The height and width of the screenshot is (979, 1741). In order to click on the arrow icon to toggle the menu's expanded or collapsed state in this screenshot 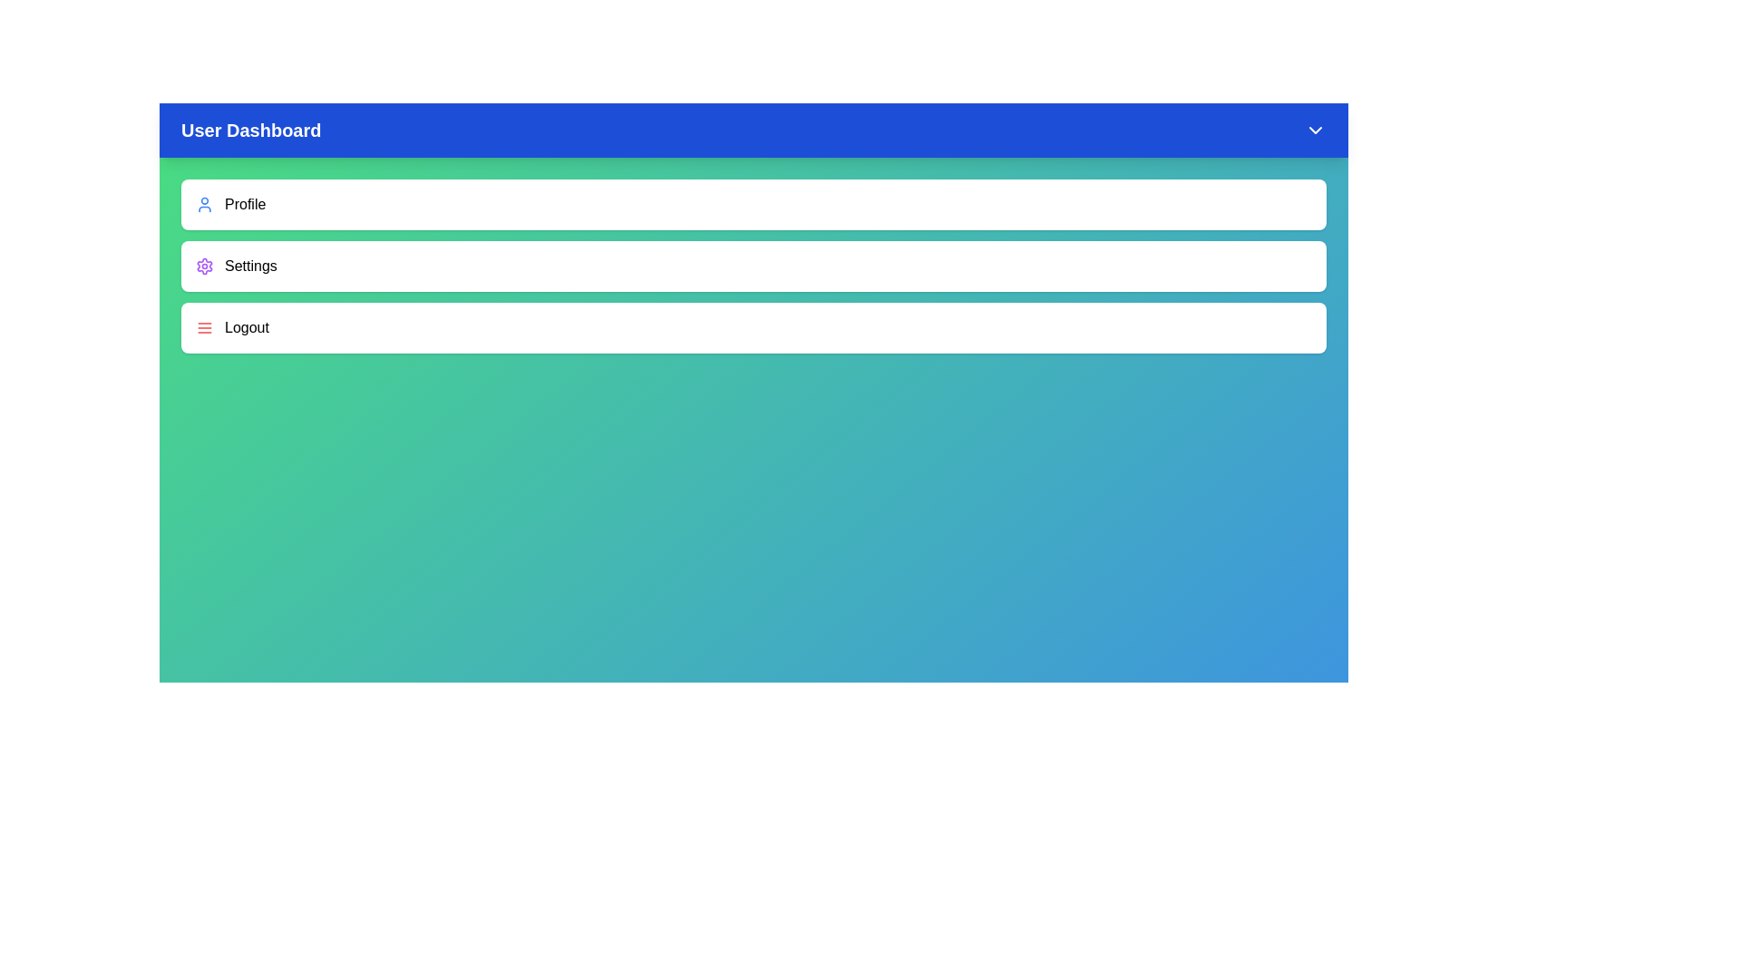, I will do `click(1315, 129)`.